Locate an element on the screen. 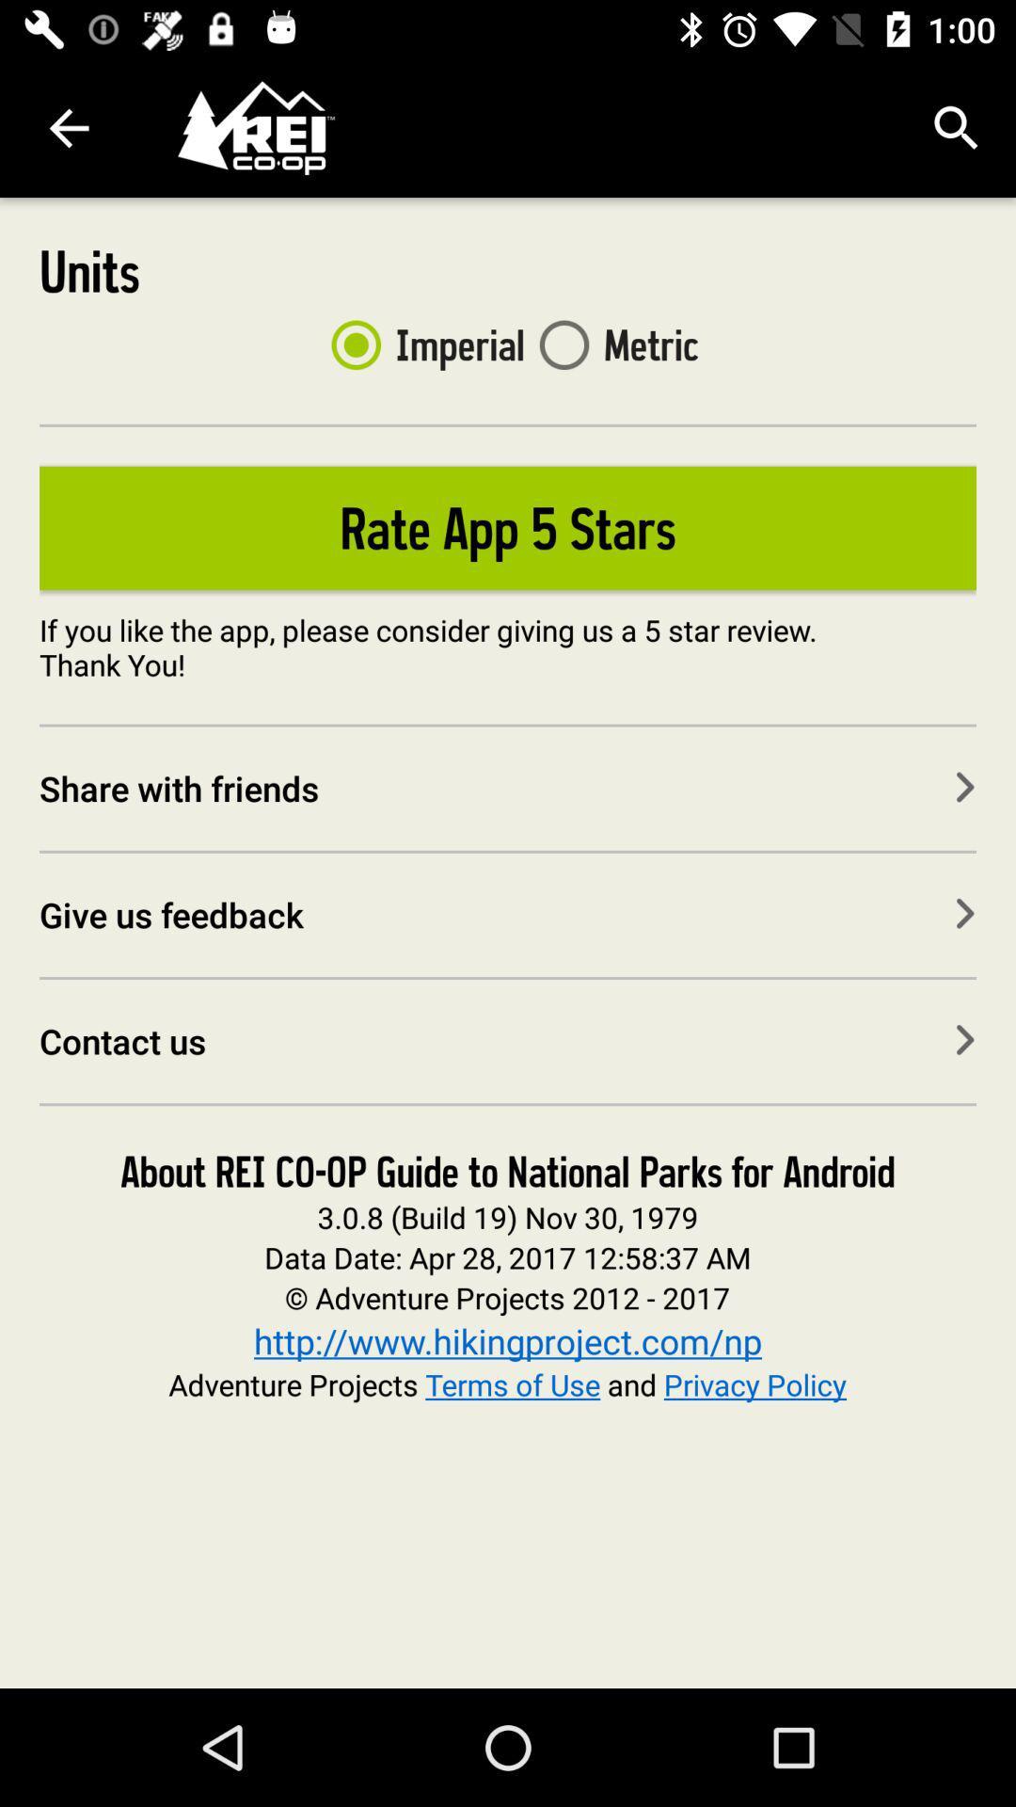 The image size is (1016, 1807). the item to the left of the metric is located at coordinates (420, 344).